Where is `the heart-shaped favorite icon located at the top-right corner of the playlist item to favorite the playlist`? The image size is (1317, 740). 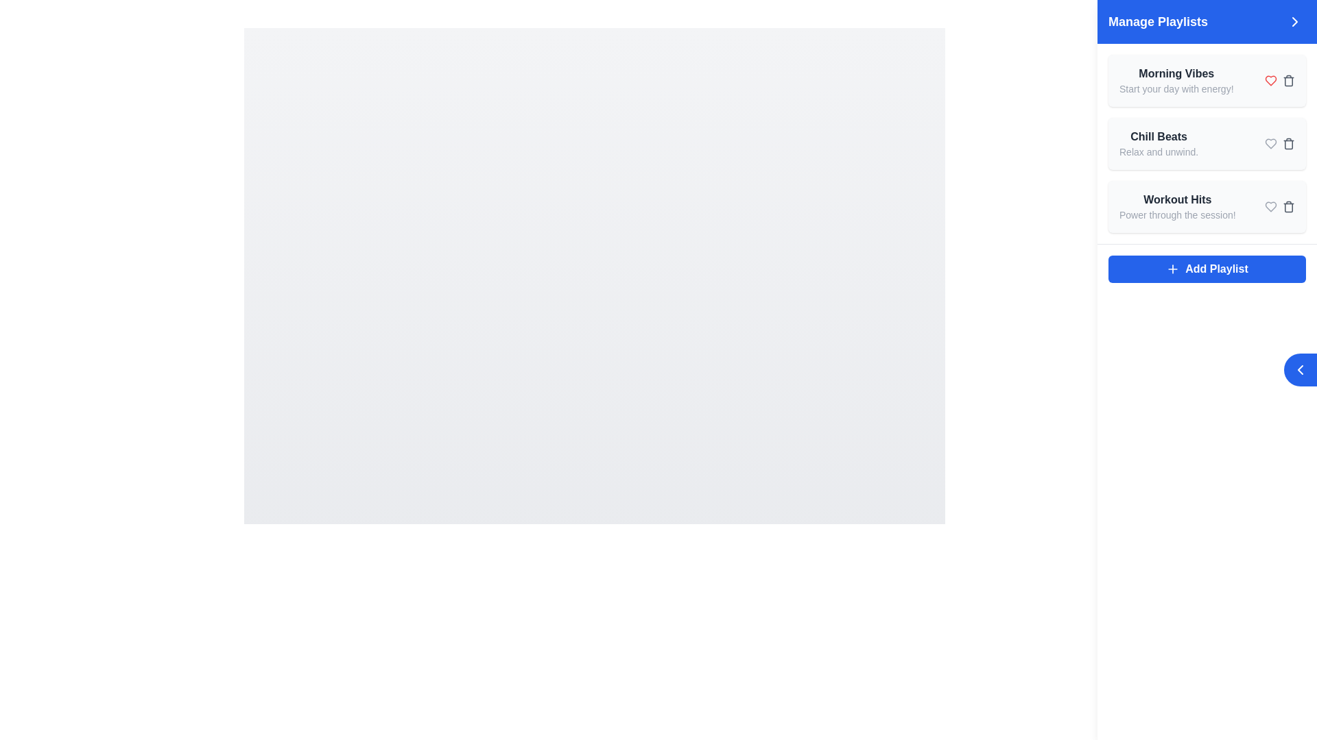
the heart-shaped favorite icon located at the top-right corner of the playlist item to favorite the playlist is located at coordinates (1270, 143).